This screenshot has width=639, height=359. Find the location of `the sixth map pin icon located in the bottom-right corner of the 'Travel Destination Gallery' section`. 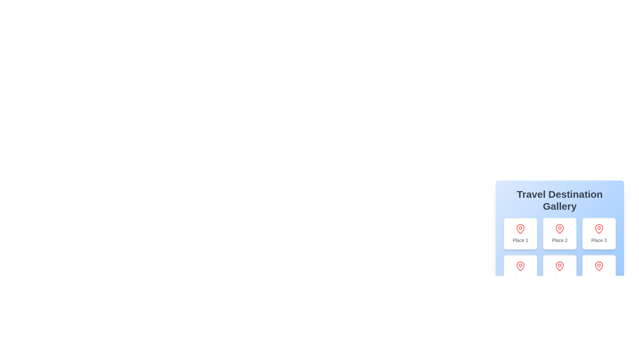

the sixth map pin icon located in the bottom-right corner of the 'Travel Destination Gallery' section is located at coordinates (599, 265).